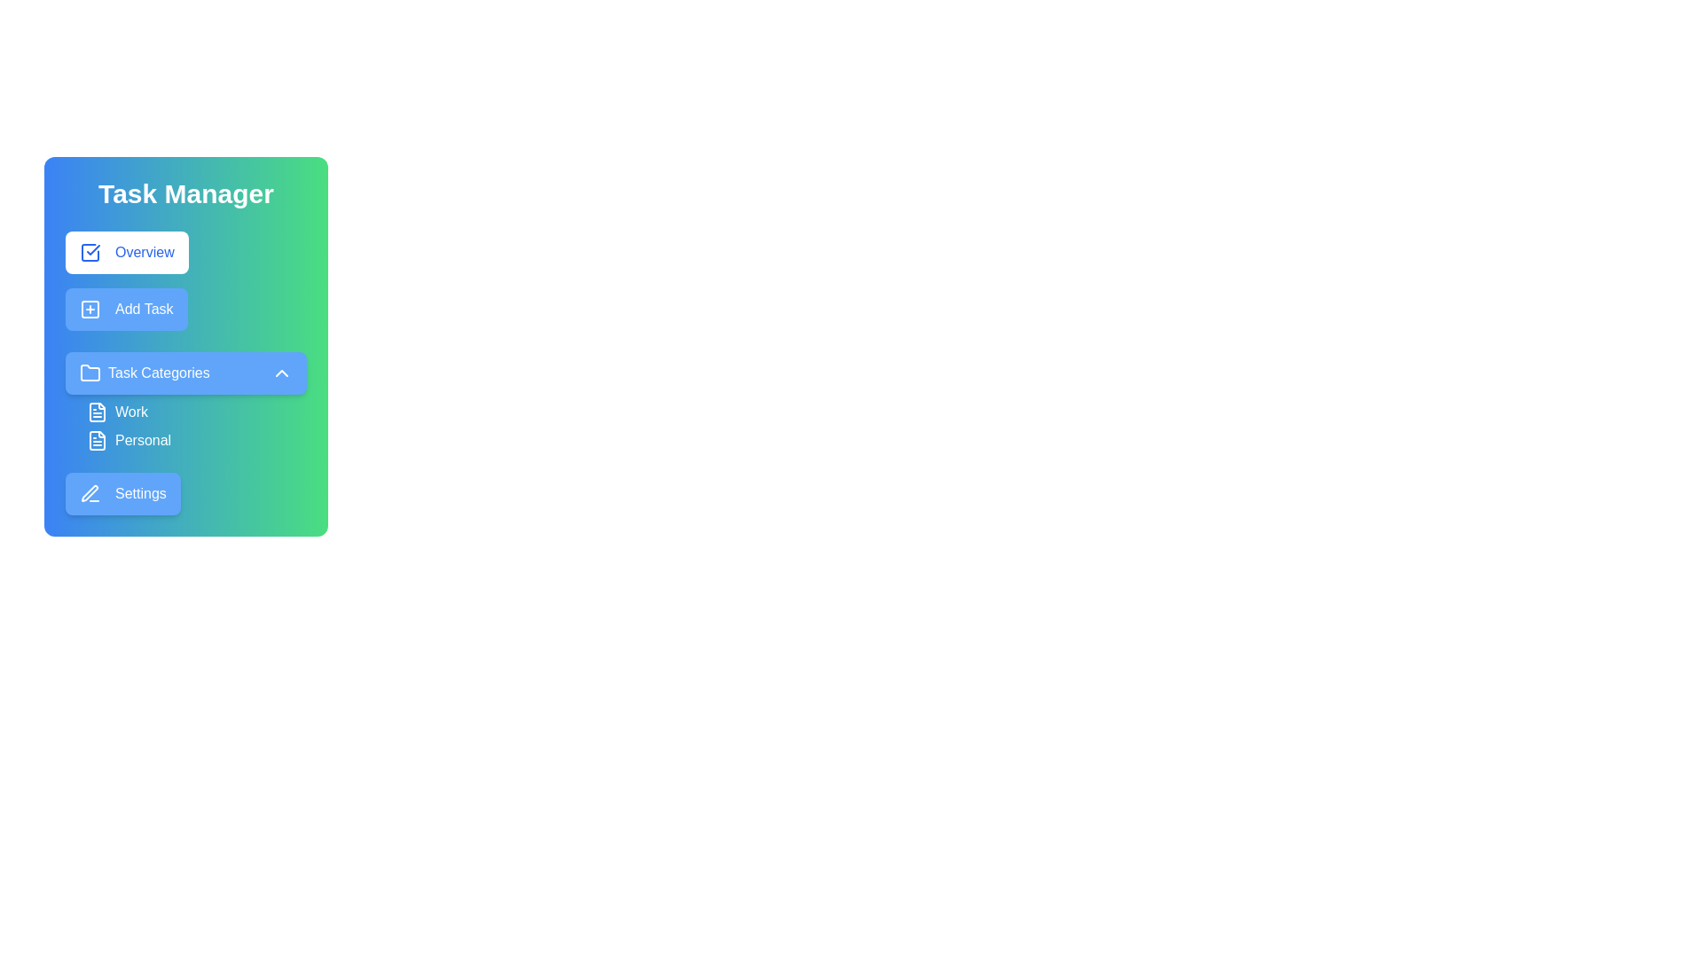 Image resolution: width=1703 pixels, height=958 pixels. I want to click on the 'Settings' text label inside the button located at the bottom of the vertical menu on the left side of the interface, so click(139, 493).